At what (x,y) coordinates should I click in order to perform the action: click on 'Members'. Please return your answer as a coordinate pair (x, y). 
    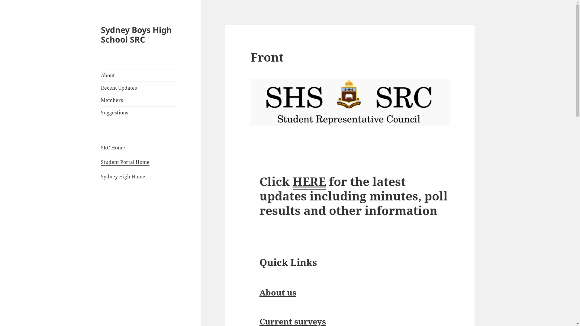
    Looking at the image, I should click on (138, 100).